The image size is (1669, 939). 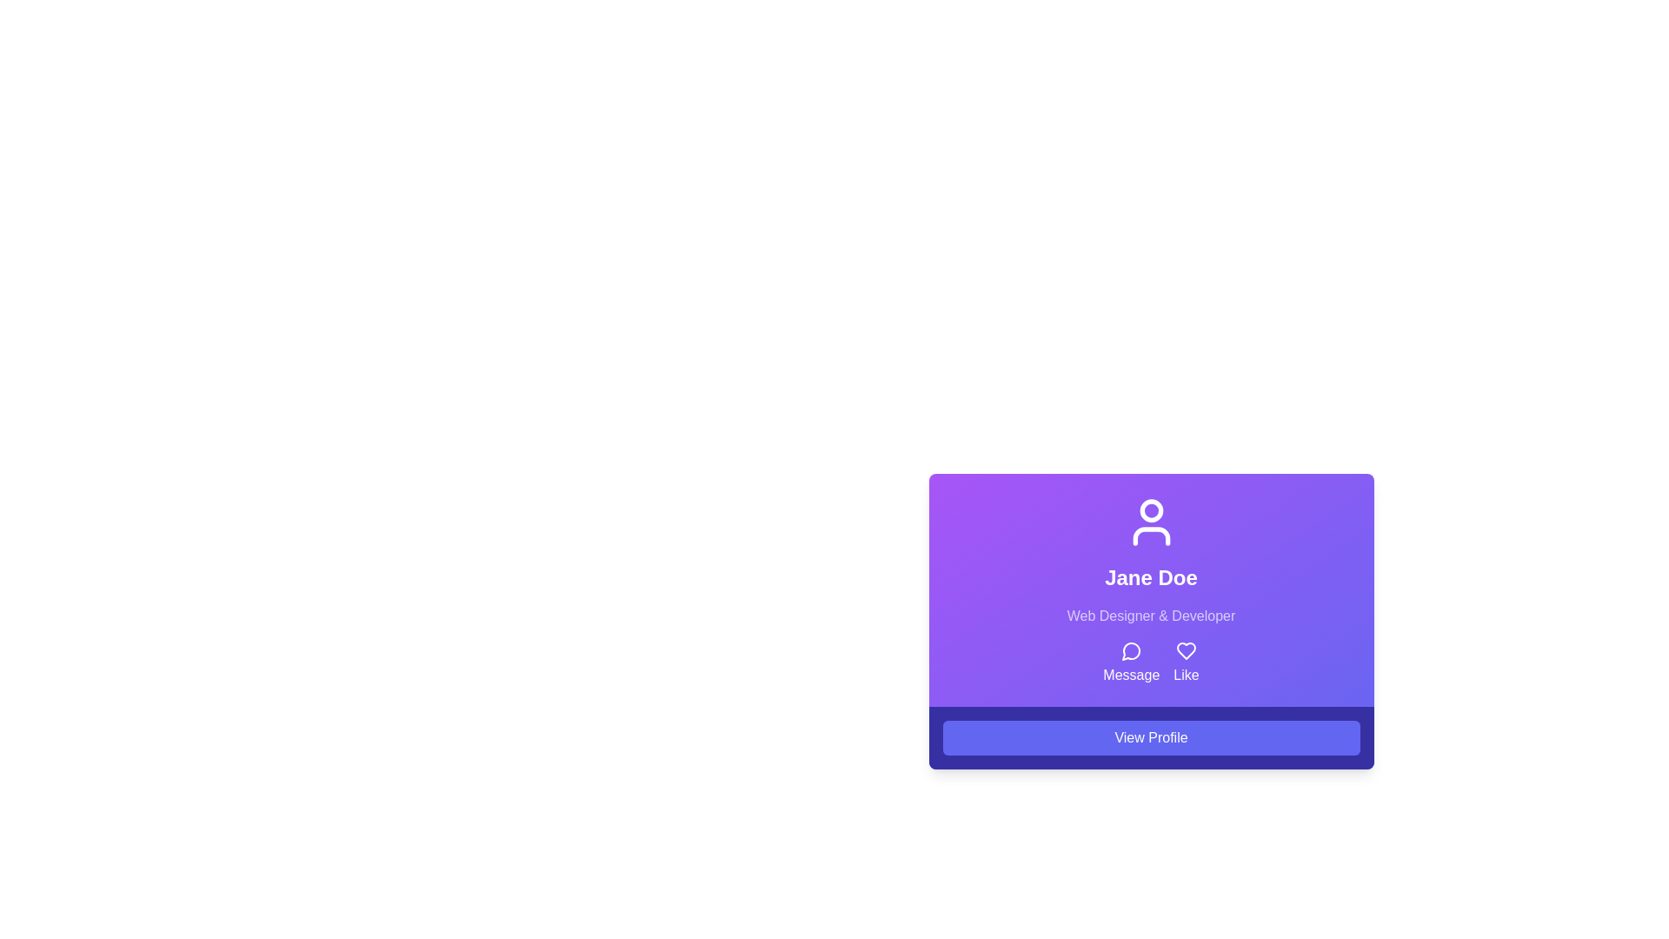 What do you see at coordinates (1131, 674) in the screenshot?
I see `the 'Message' text label styled in white against a purple background, located below the speech bubble icon, to associate the text with its corresponding icon` at bounding box center [1131, 674].